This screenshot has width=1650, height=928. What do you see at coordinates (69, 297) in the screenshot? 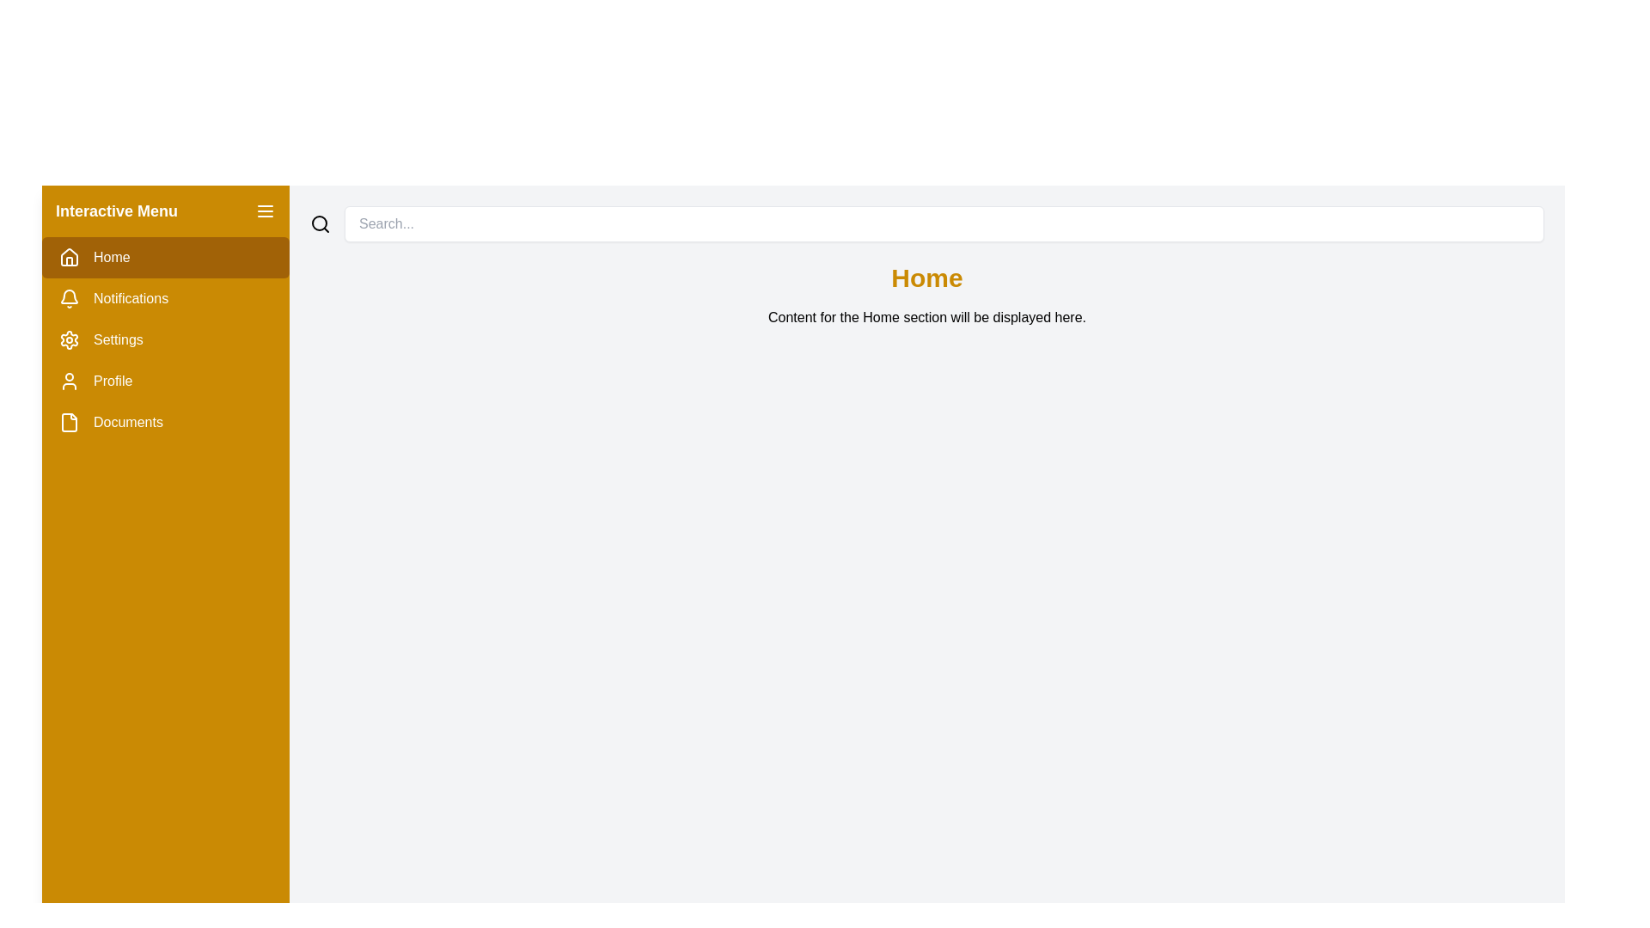
I see `the bell-shaped icon located in the left navigation bar, immediately to the left of the 'Notifications' text` at bounding box center [69, 297].